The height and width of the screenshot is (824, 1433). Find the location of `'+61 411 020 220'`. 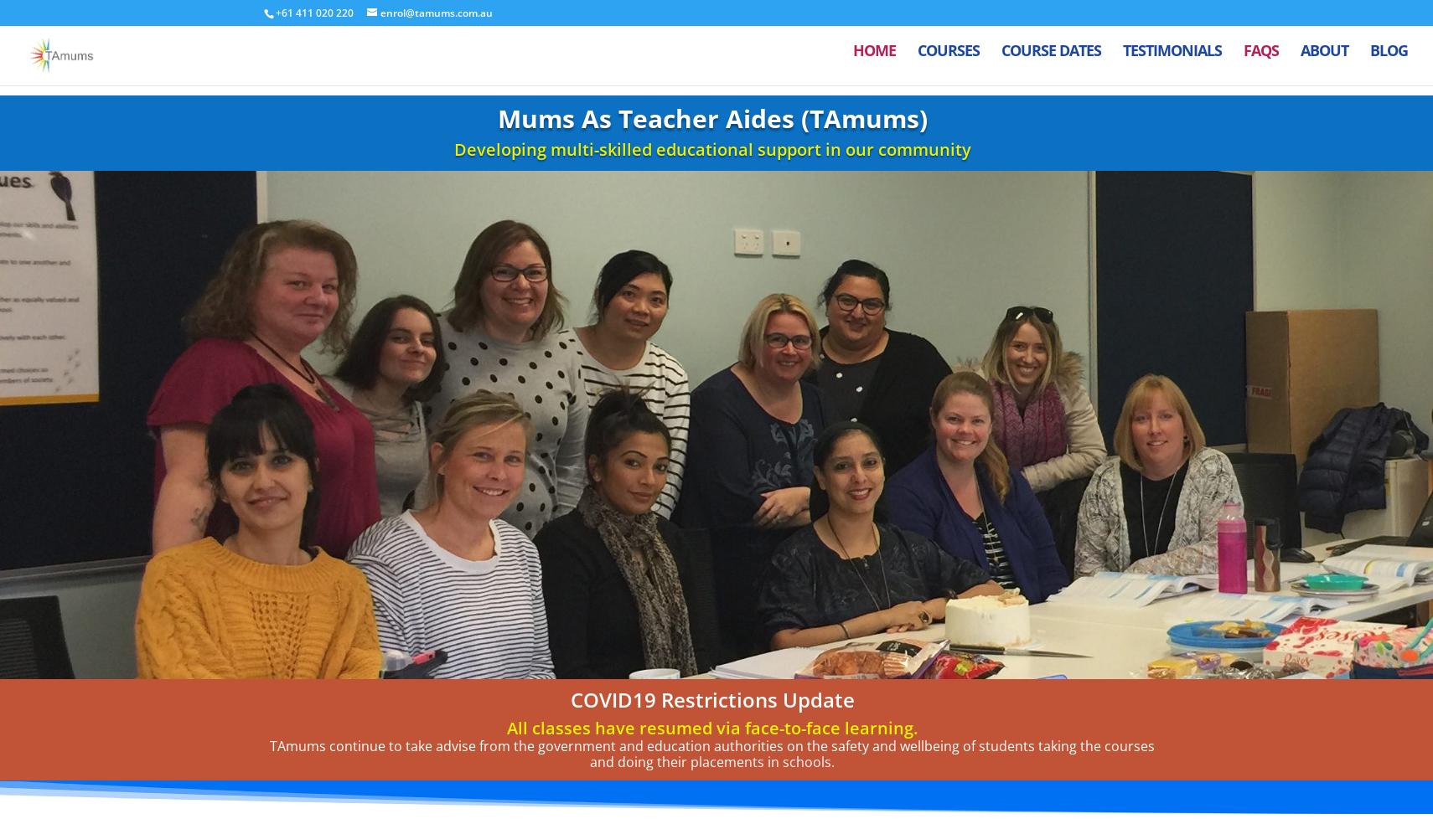

'+61 411 020 220' is located at coordinates (313, 12).